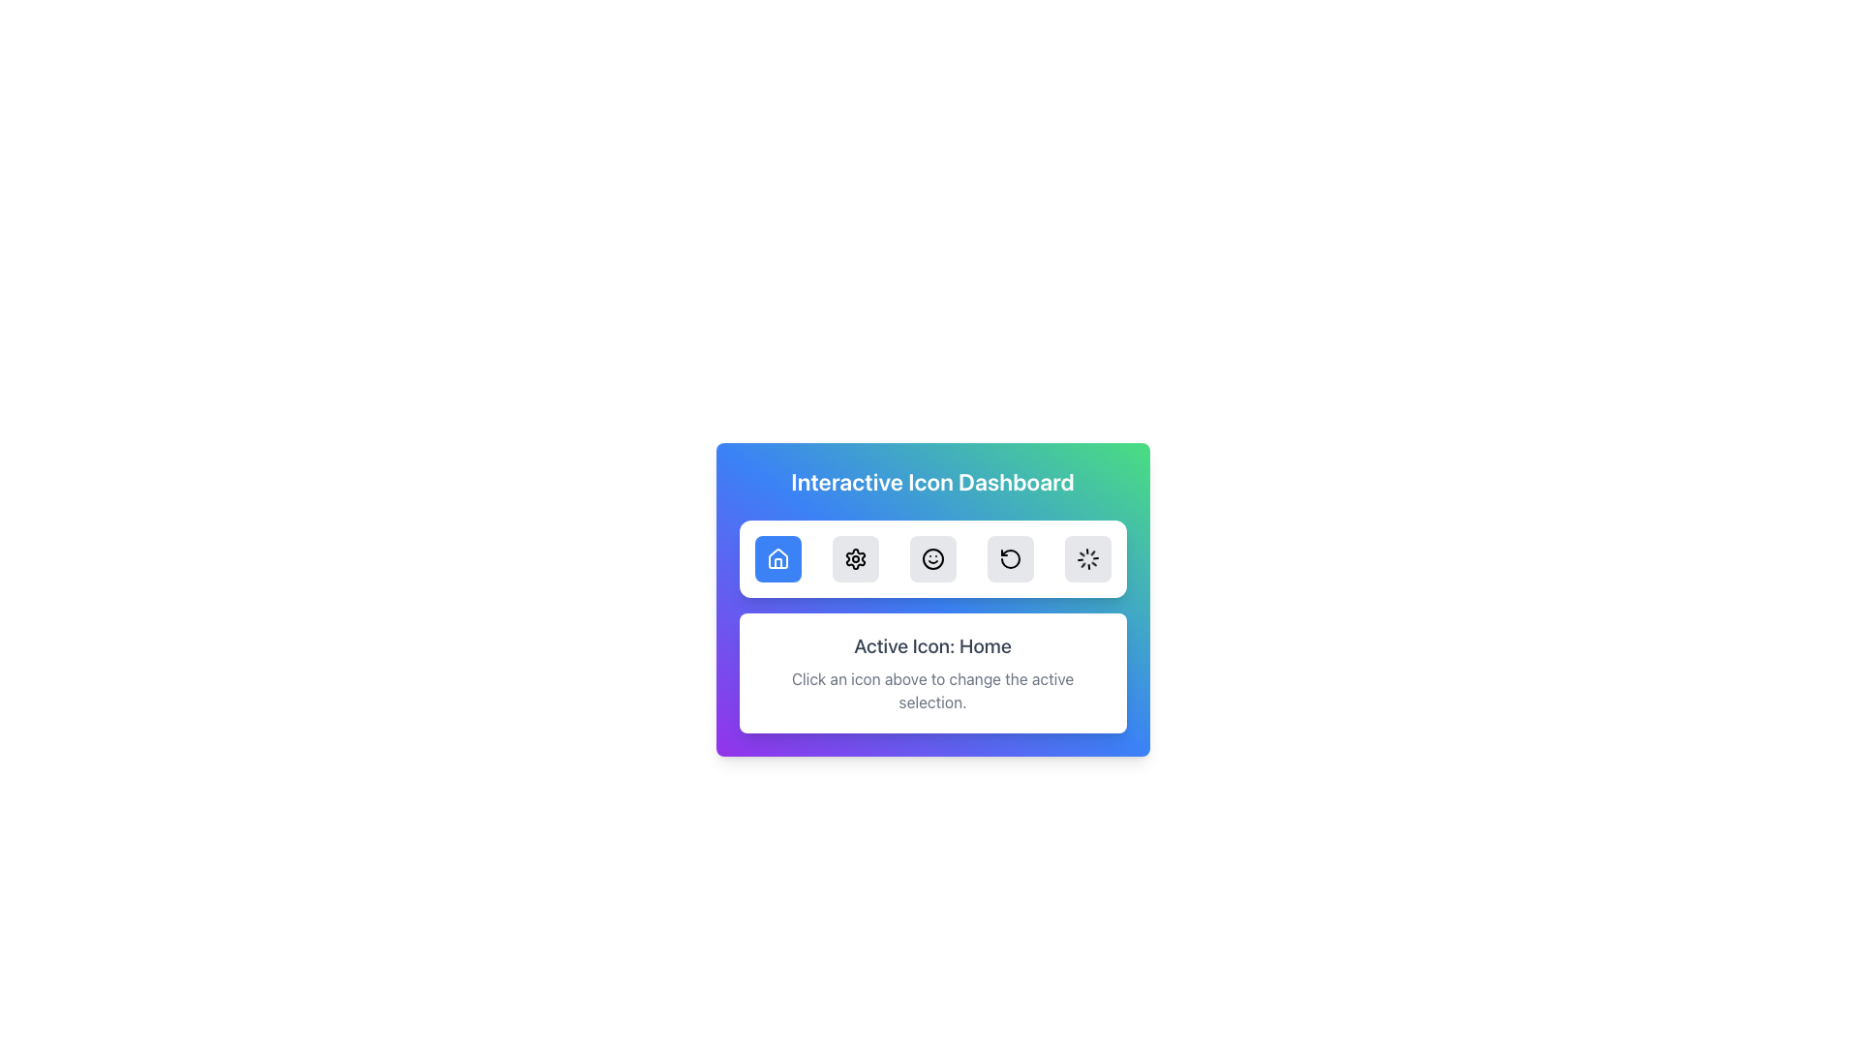  What do you see at coordinates (777, 559) in the screenshot?
I see `the 'Home' icon, which is the first element in the grid of selectable icons under the 'Interactive Icon Dashboard' title` at bounding box center [777, 559].